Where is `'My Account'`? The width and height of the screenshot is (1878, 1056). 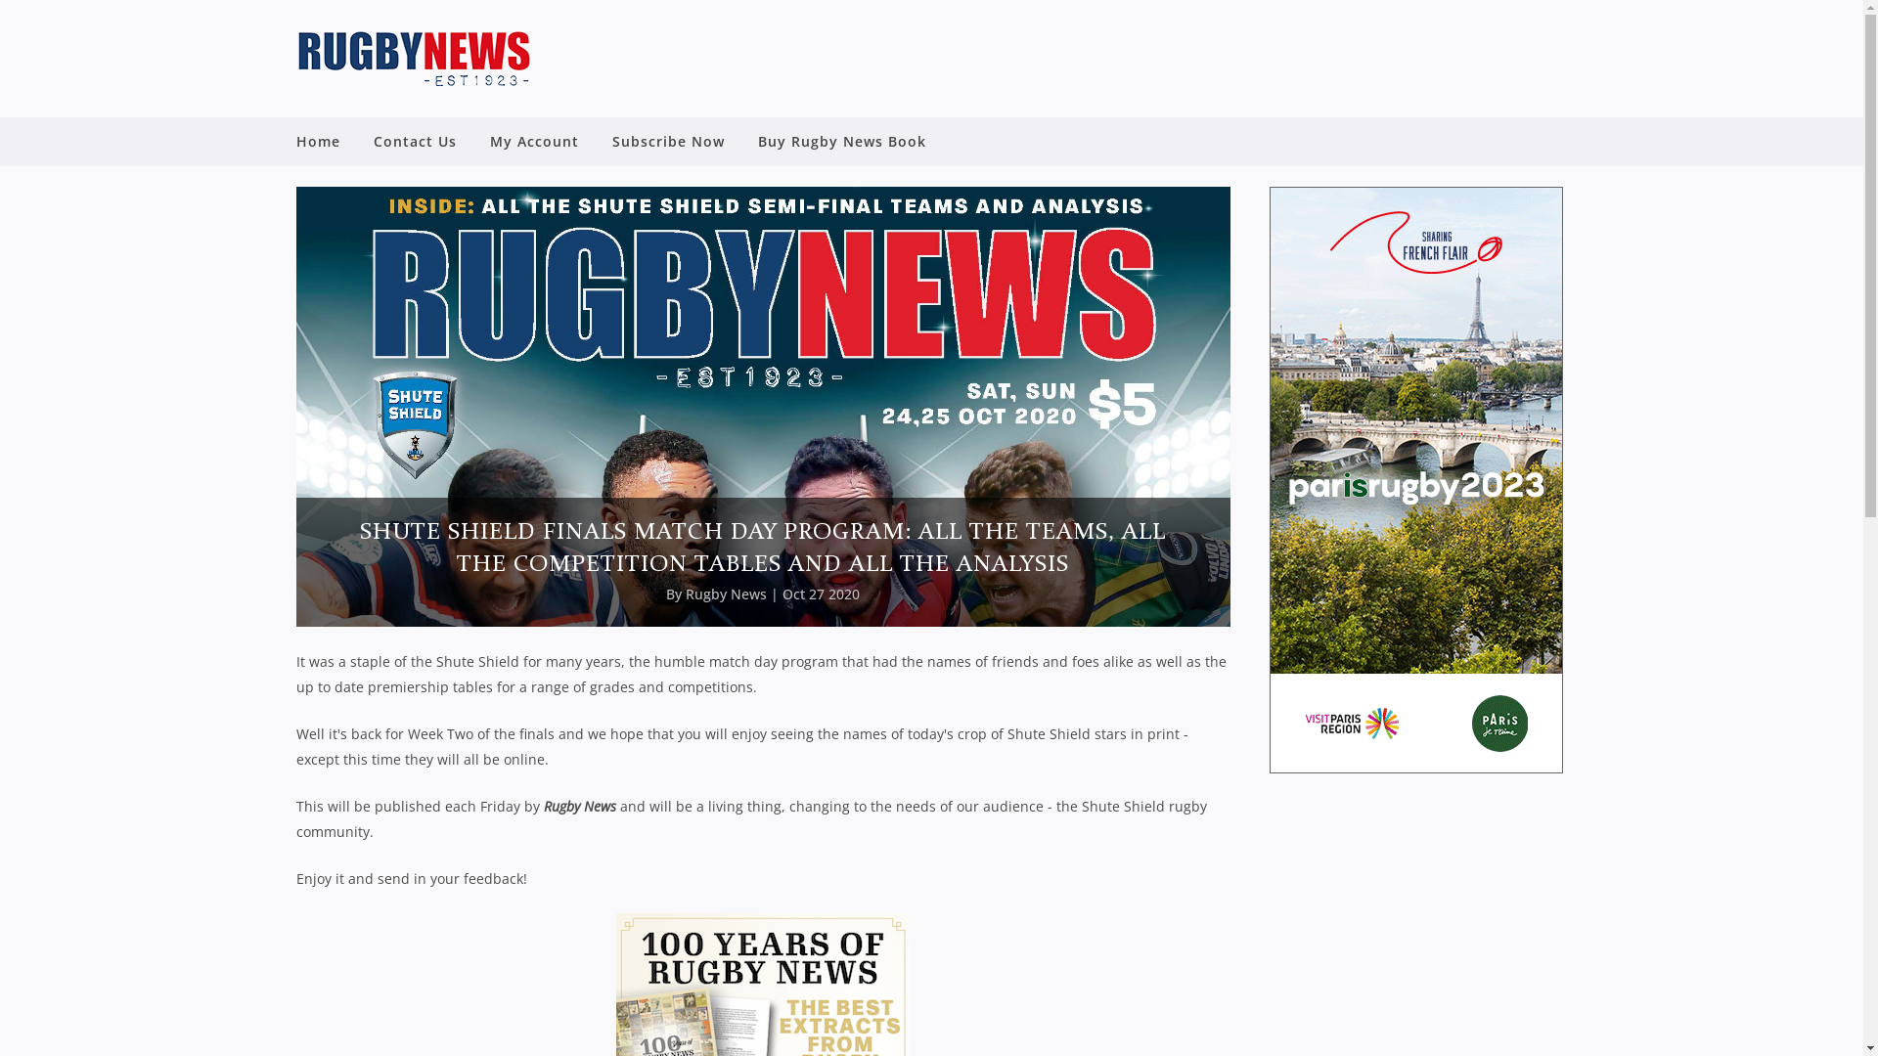
'My Account' is located at coordinates (534, 141).